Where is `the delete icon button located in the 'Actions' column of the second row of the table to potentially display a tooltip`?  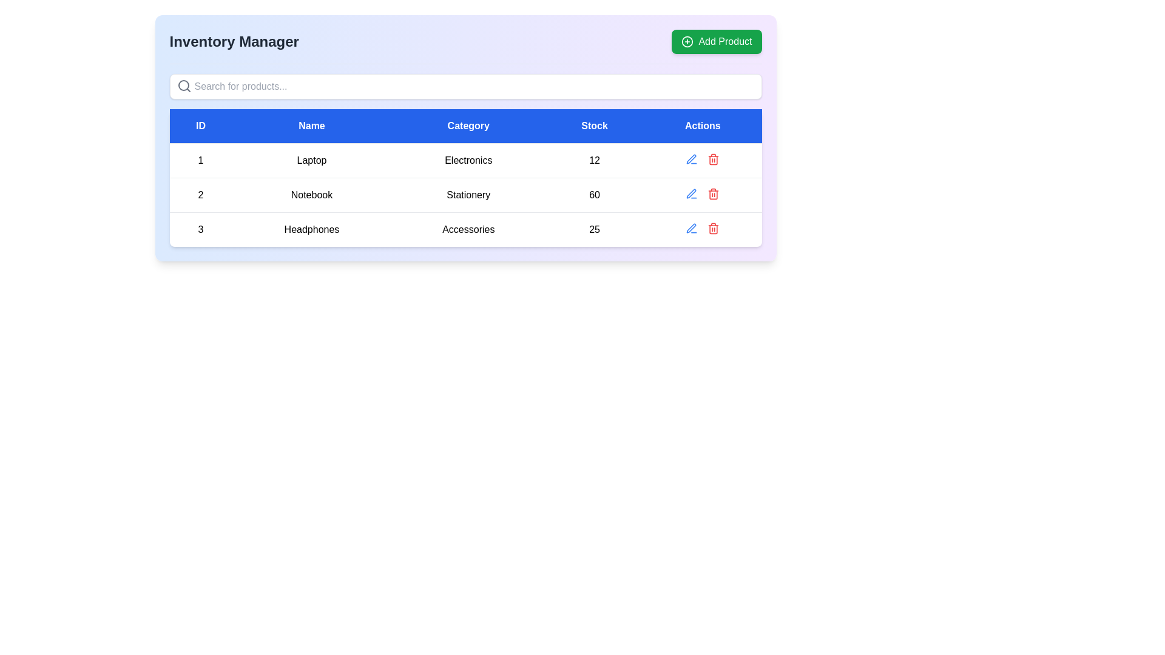
the delete icon button located in the 'Actions' column of the second row of the table to potentially display a tooltip is located at coordinates (714, 193).